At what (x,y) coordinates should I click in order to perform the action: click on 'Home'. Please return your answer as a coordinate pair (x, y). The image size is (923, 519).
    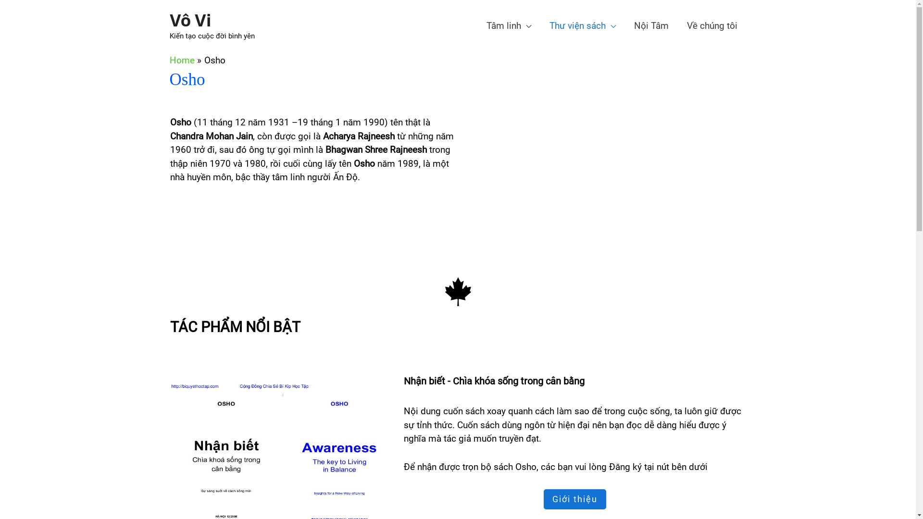
    Looking at the image, I should click on (182, 60).